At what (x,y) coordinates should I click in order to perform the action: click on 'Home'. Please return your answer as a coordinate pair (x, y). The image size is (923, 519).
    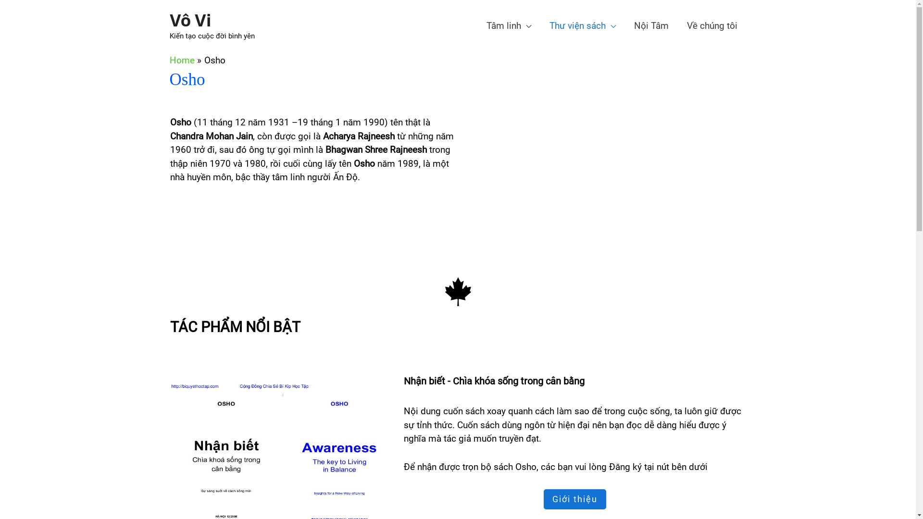
    Looking at the image, I should click on (182, 60).